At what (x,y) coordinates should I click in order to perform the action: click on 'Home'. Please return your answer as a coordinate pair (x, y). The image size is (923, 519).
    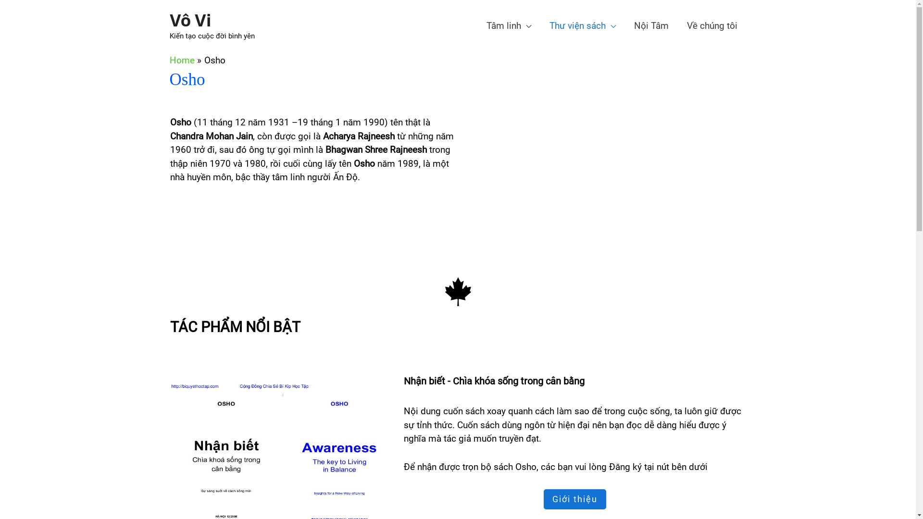
    Looking at the image, I should click on (182, 60).